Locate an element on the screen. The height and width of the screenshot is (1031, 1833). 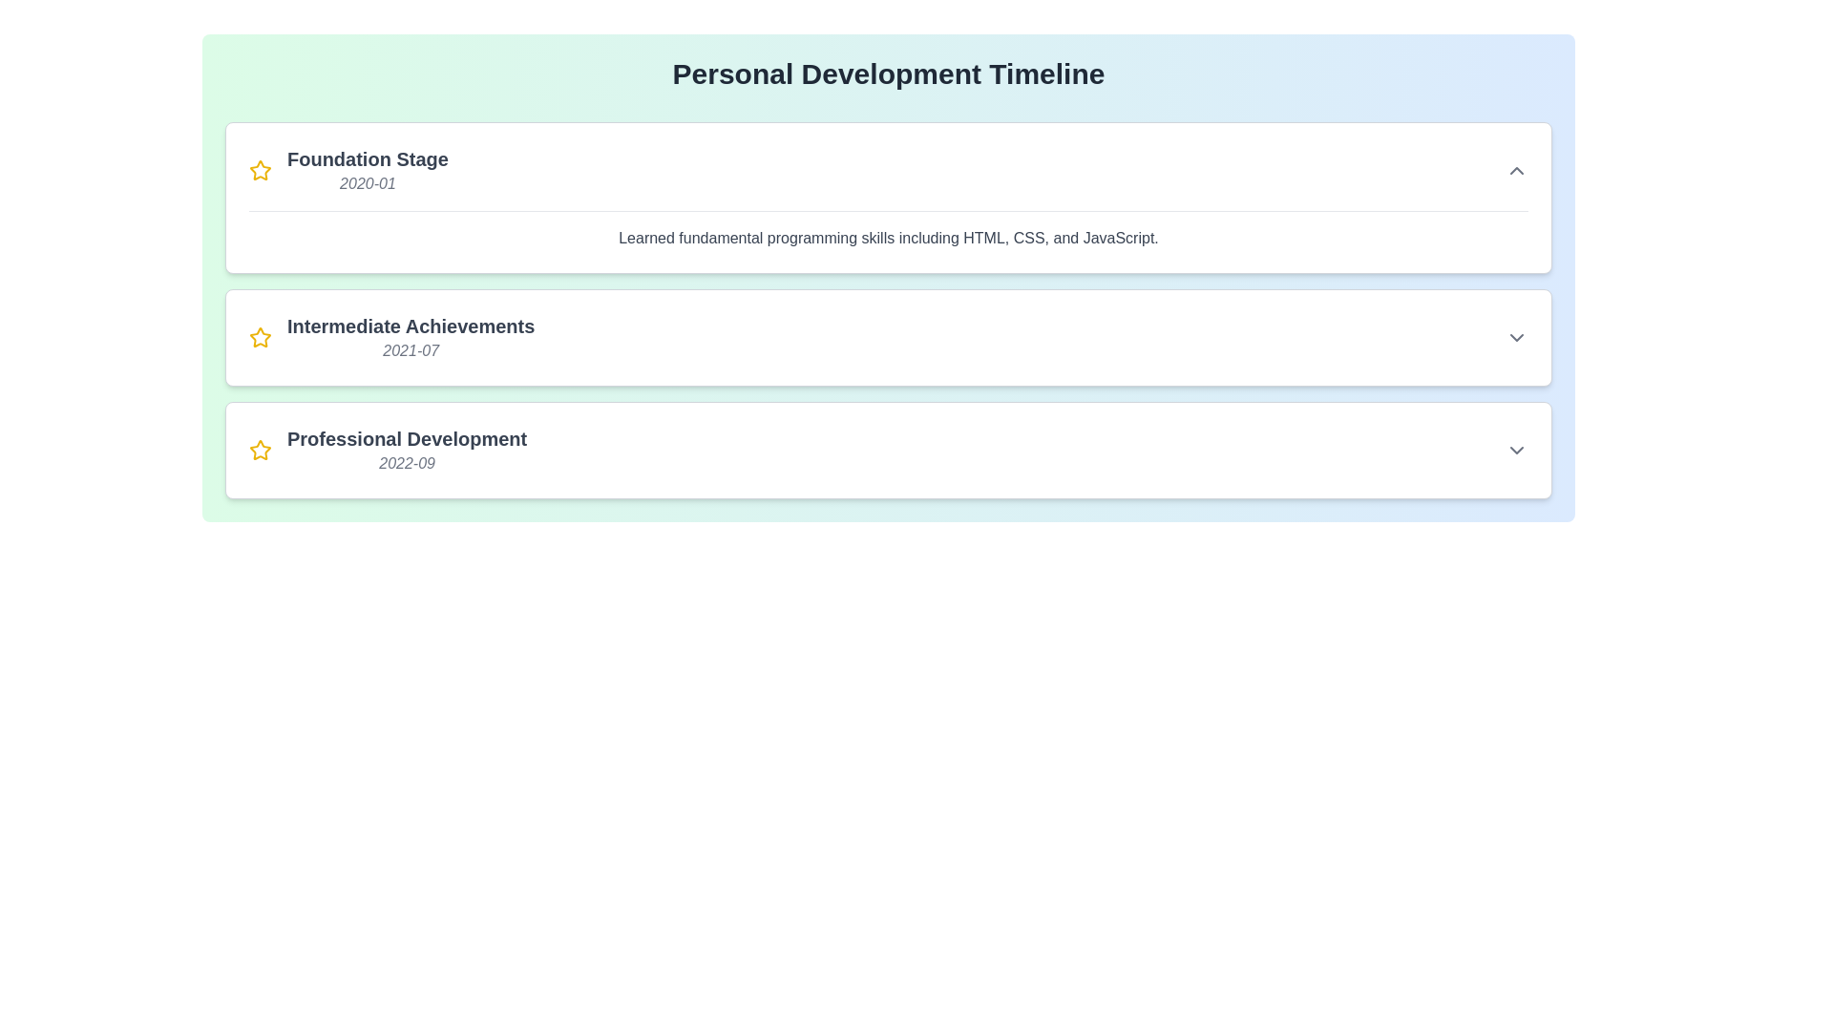
the third list item representing a professional development entry, located between 'Intermediate Achievements' and a blank section is located at coordinates (888, 450).